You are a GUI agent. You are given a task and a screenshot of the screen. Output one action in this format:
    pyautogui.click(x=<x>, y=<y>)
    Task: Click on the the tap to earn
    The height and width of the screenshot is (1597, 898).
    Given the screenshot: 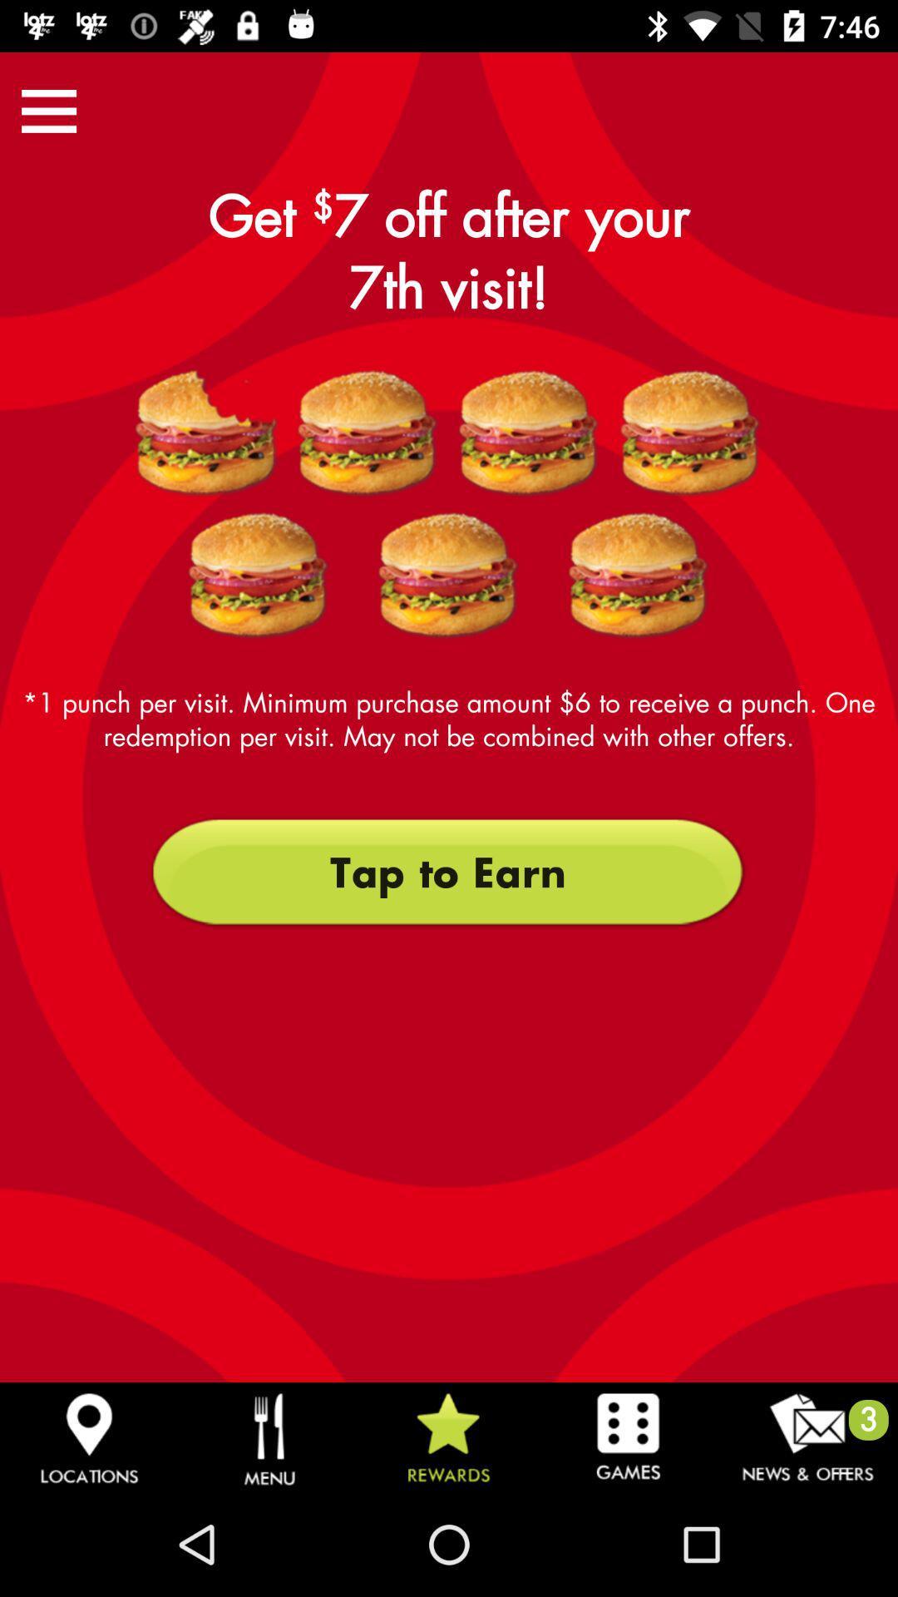 What is the action you would take?
    pyautogui.click(x=447, y=872)
    